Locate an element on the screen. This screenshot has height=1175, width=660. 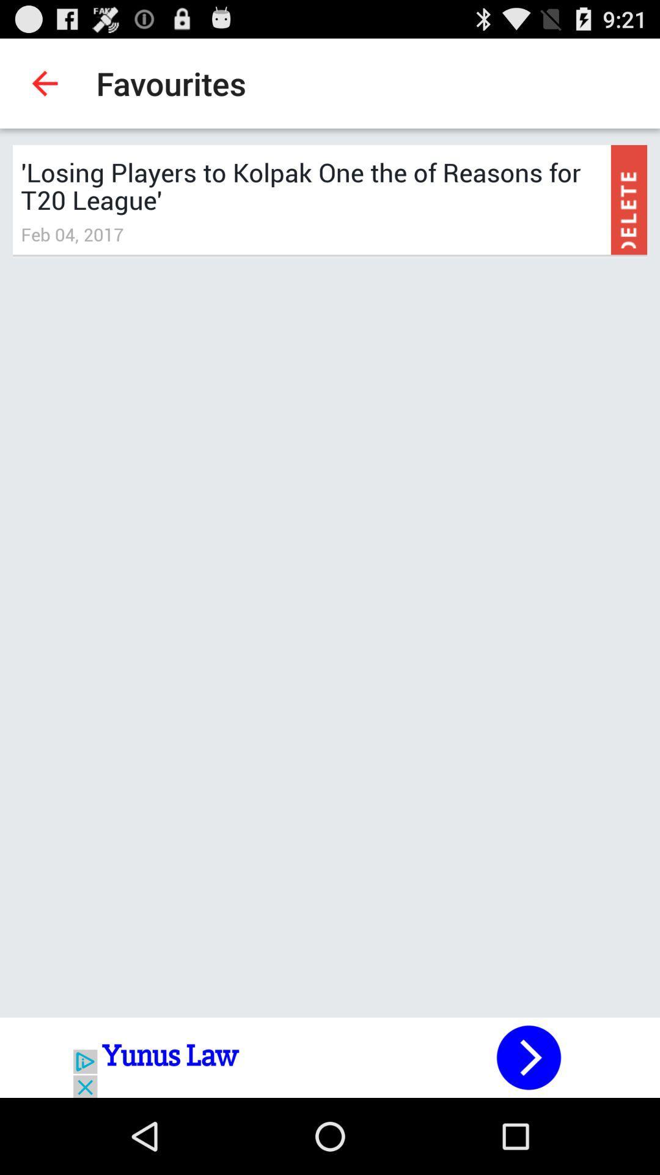
banner is located at coordinates (330, 1057).